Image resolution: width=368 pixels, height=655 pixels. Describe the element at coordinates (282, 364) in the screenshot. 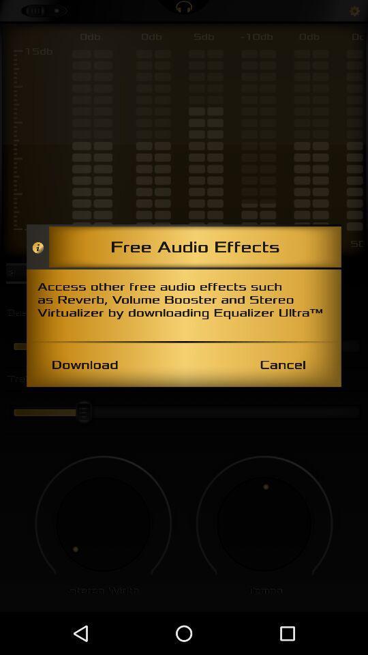

I see `the item to the right of the download item` at that location.